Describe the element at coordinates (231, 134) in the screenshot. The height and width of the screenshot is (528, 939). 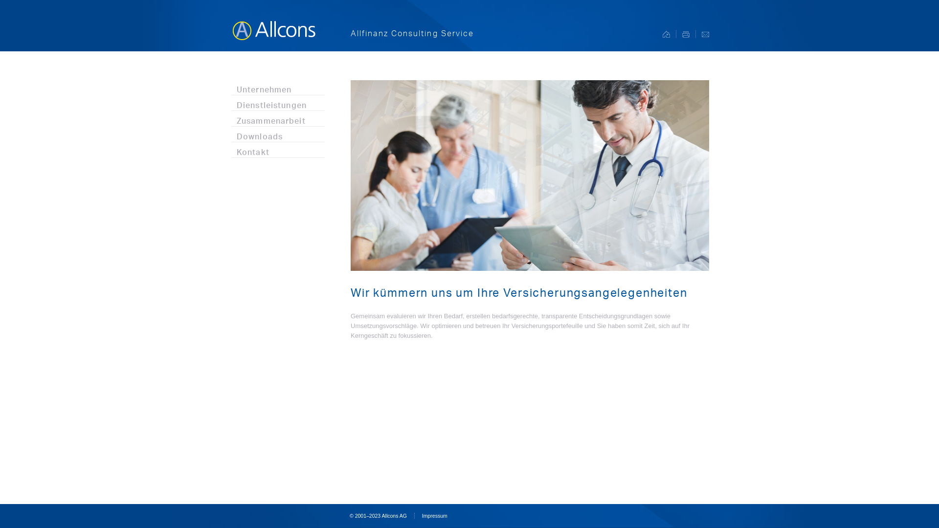
I see `'Downloads'` at that location.